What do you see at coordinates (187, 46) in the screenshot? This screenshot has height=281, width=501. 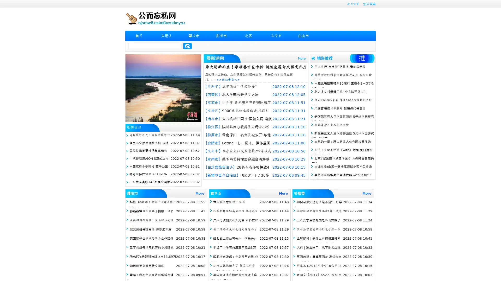 I see `Search` at bounding box center [187, 46].